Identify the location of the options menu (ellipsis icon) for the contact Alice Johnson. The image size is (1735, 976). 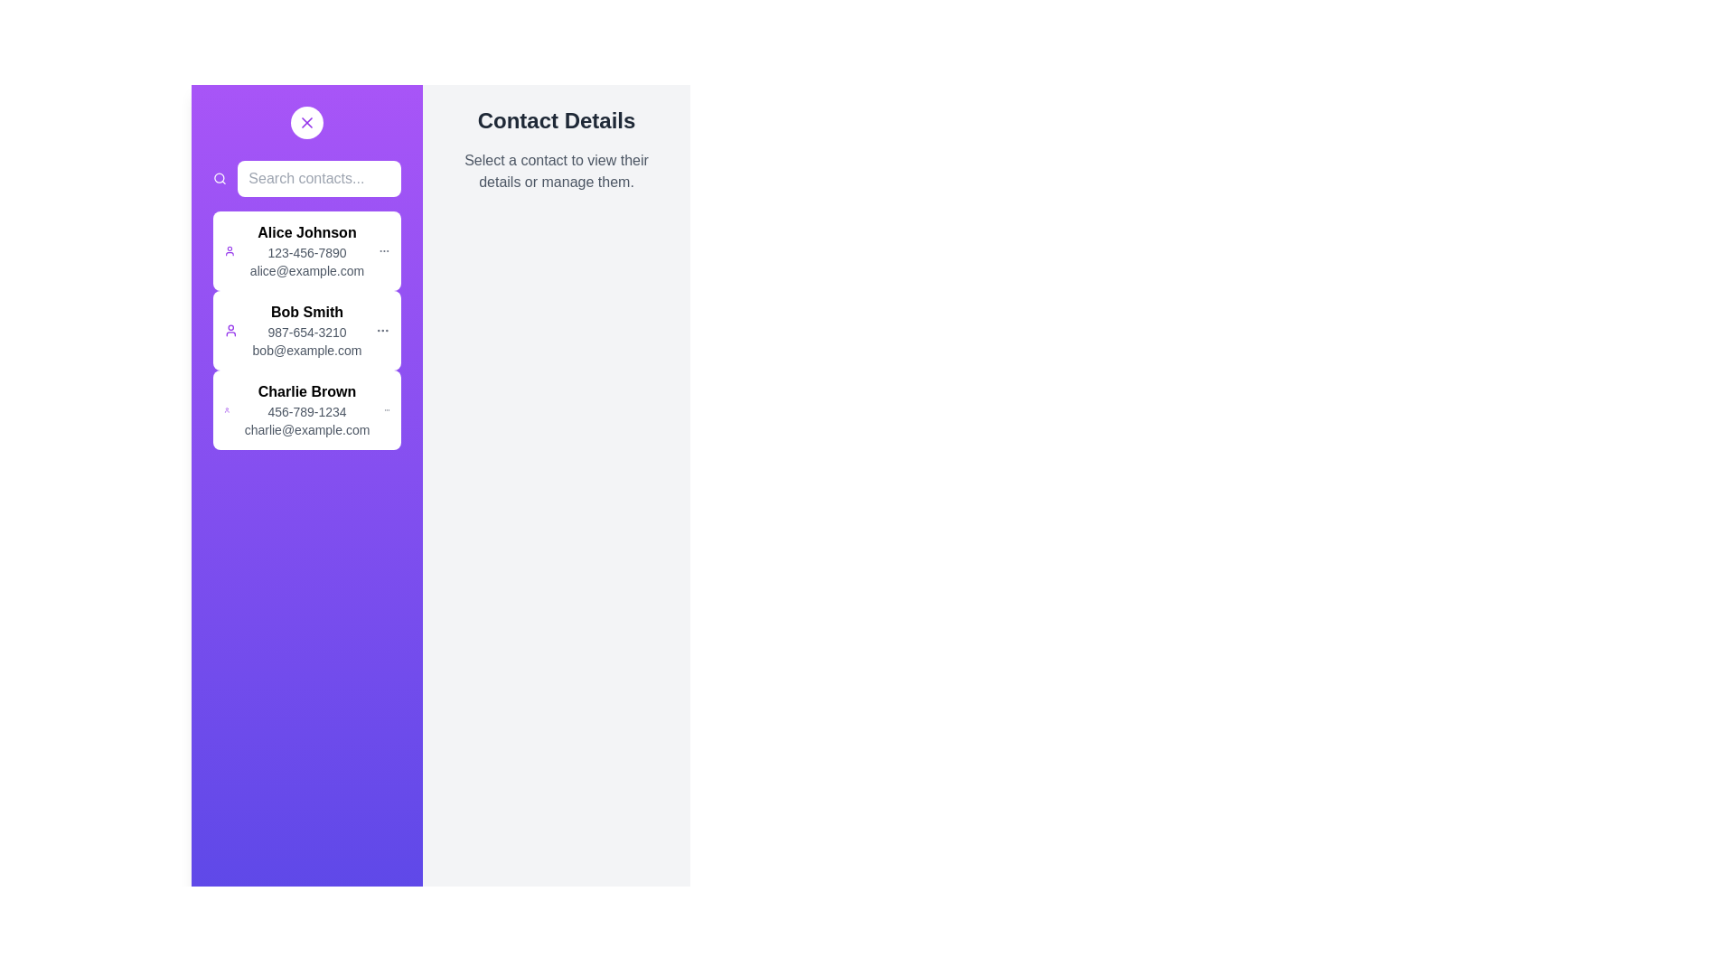
(383, 250).